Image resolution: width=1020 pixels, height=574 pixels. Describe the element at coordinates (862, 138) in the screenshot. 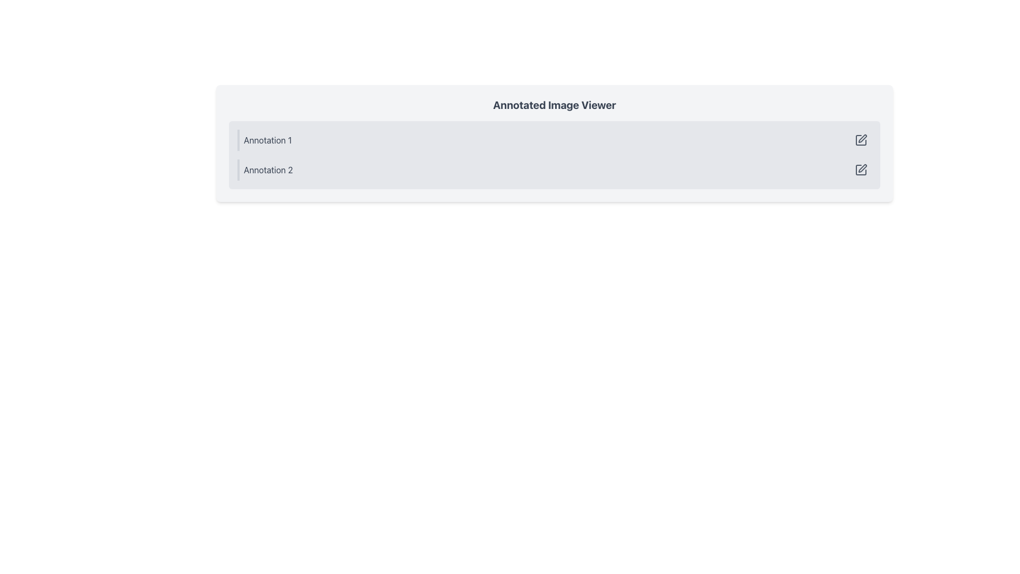

I see `the editing icon located in the upper right section of the user interface` at that location.